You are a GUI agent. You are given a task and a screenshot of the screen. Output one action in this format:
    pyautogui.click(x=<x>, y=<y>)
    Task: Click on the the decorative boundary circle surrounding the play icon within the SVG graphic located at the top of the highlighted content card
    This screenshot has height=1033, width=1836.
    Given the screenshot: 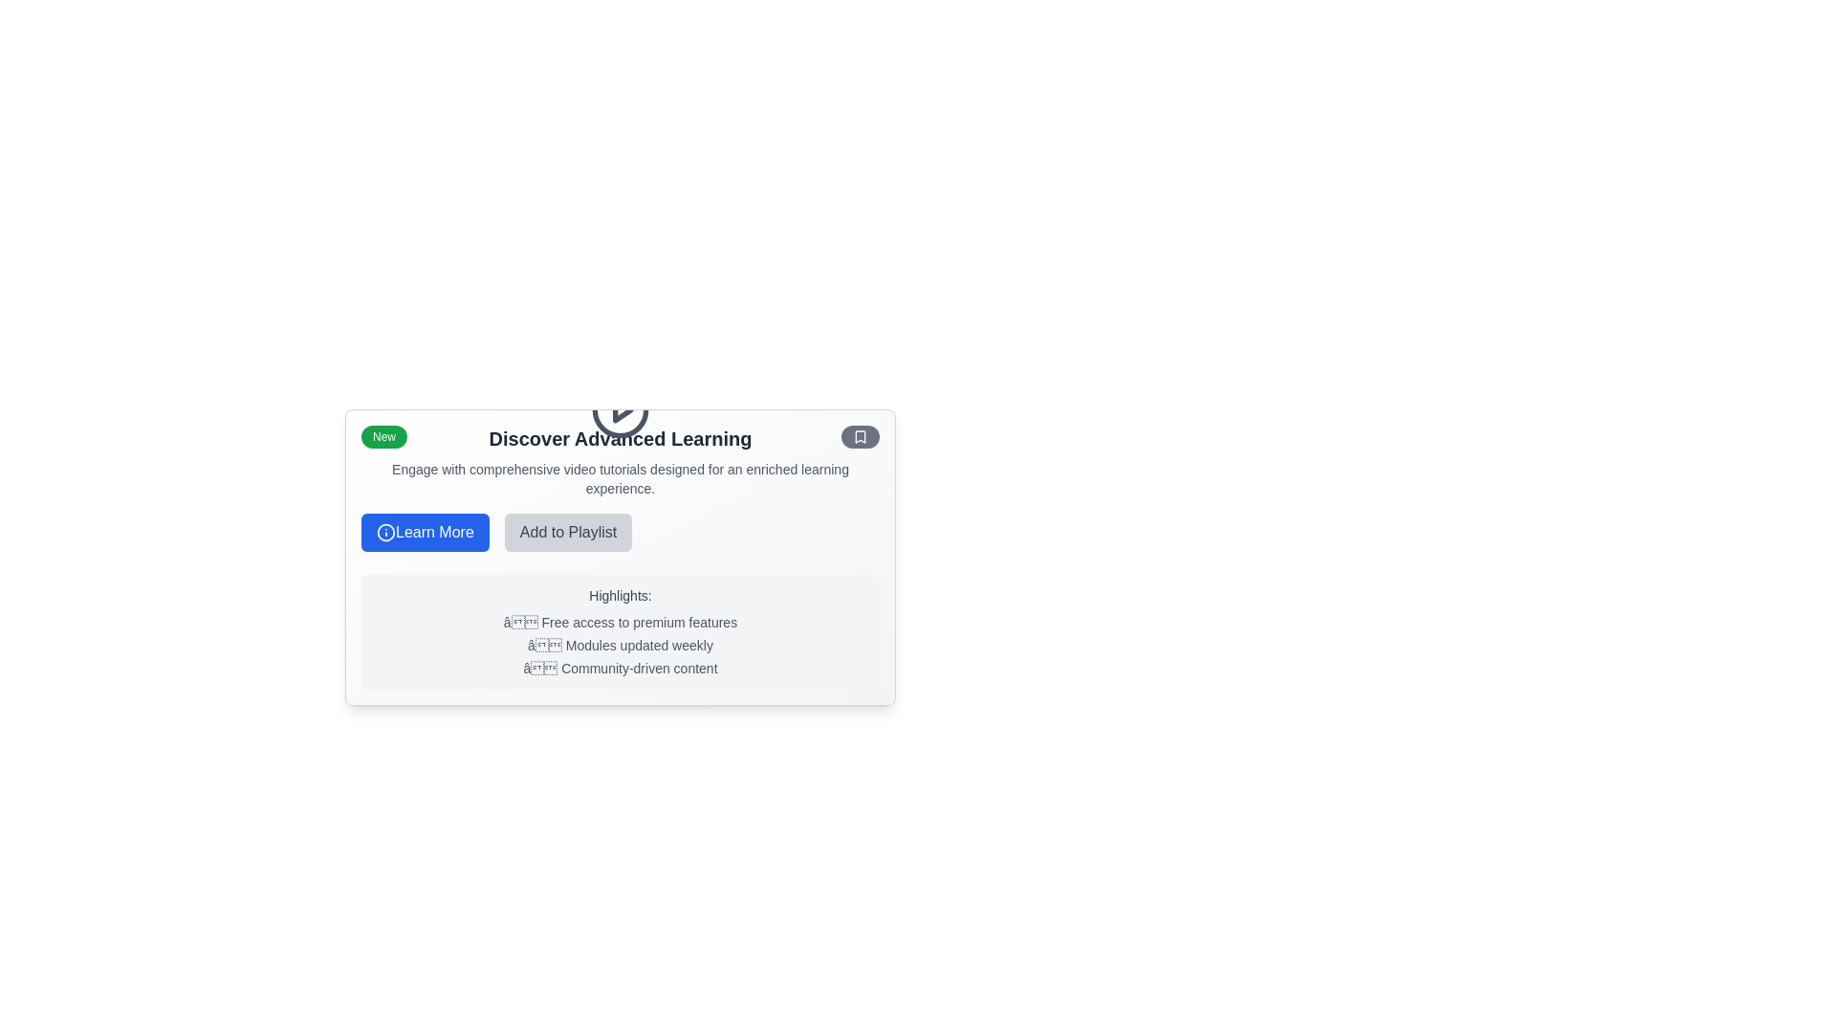 What is the action you would take?
    pyautogui.click(x=620, y=408)
    